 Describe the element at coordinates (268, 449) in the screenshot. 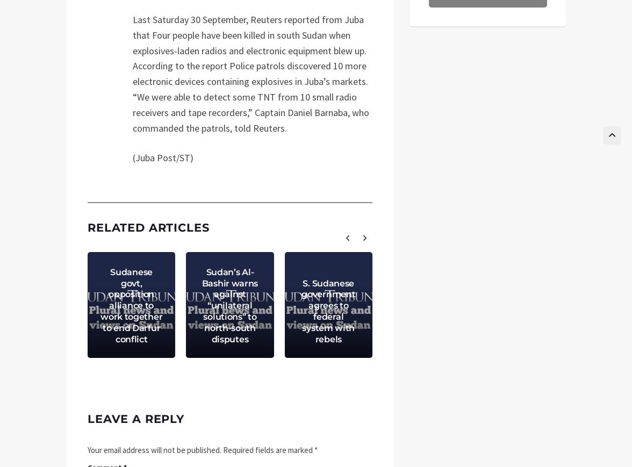

I see `'Required fields are marked'` at that location.